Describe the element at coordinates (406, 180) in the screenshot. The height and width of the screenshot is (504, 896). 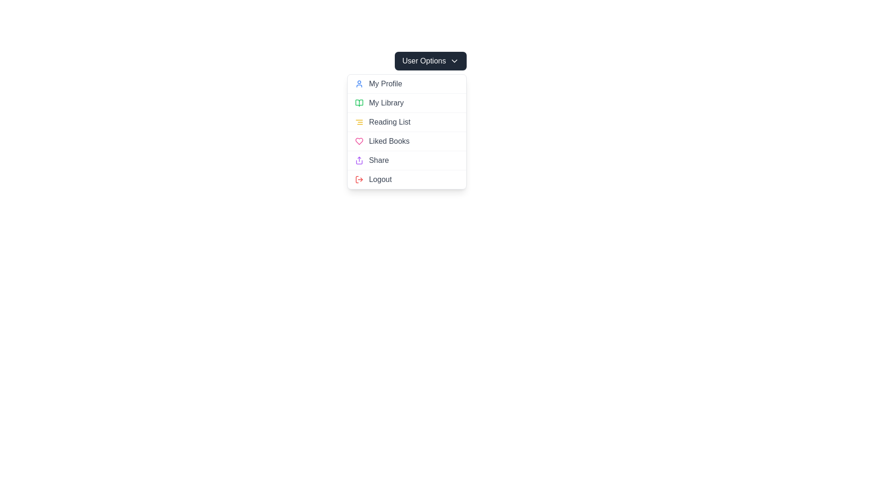
I see `the logout button, which is the sixth option in the 'User Options' dropdown menu` at that location.